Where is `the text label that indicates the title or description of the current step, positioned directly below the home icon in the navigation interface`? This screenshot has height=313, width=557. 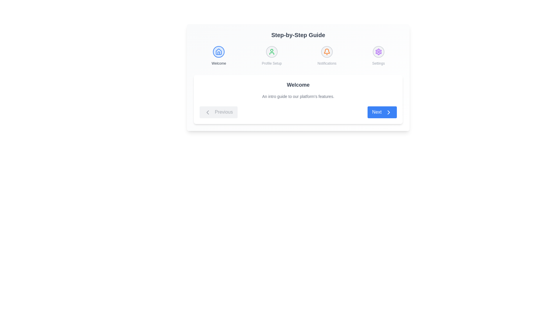
the text label that indicates the title or description of the current step, positioned directly below the home icon in the navigation interface is located at coordinates (218, 63).